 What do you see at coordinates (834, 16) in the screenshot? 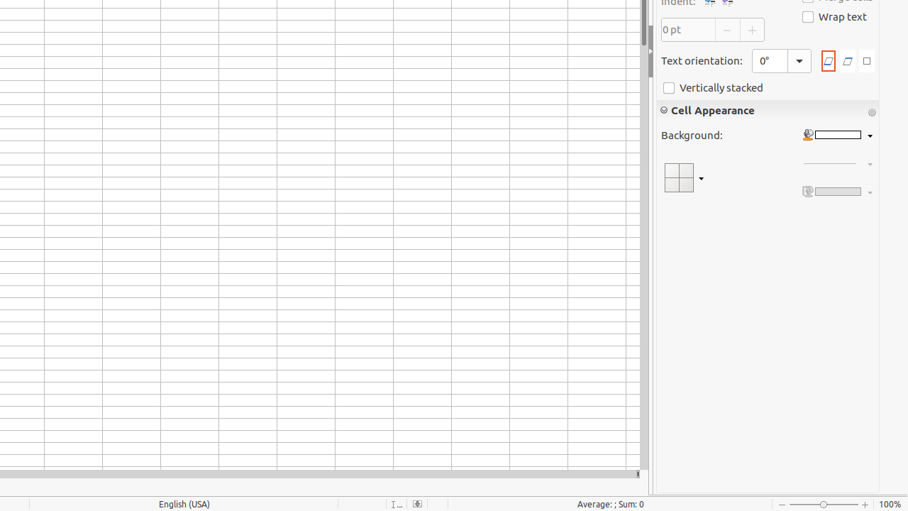
I see `'Wrap text'` at bounding box center [834, 16].